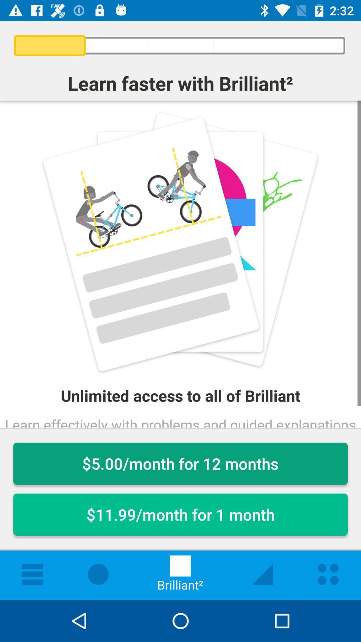  I want to click on the second option, so click(180, 514).